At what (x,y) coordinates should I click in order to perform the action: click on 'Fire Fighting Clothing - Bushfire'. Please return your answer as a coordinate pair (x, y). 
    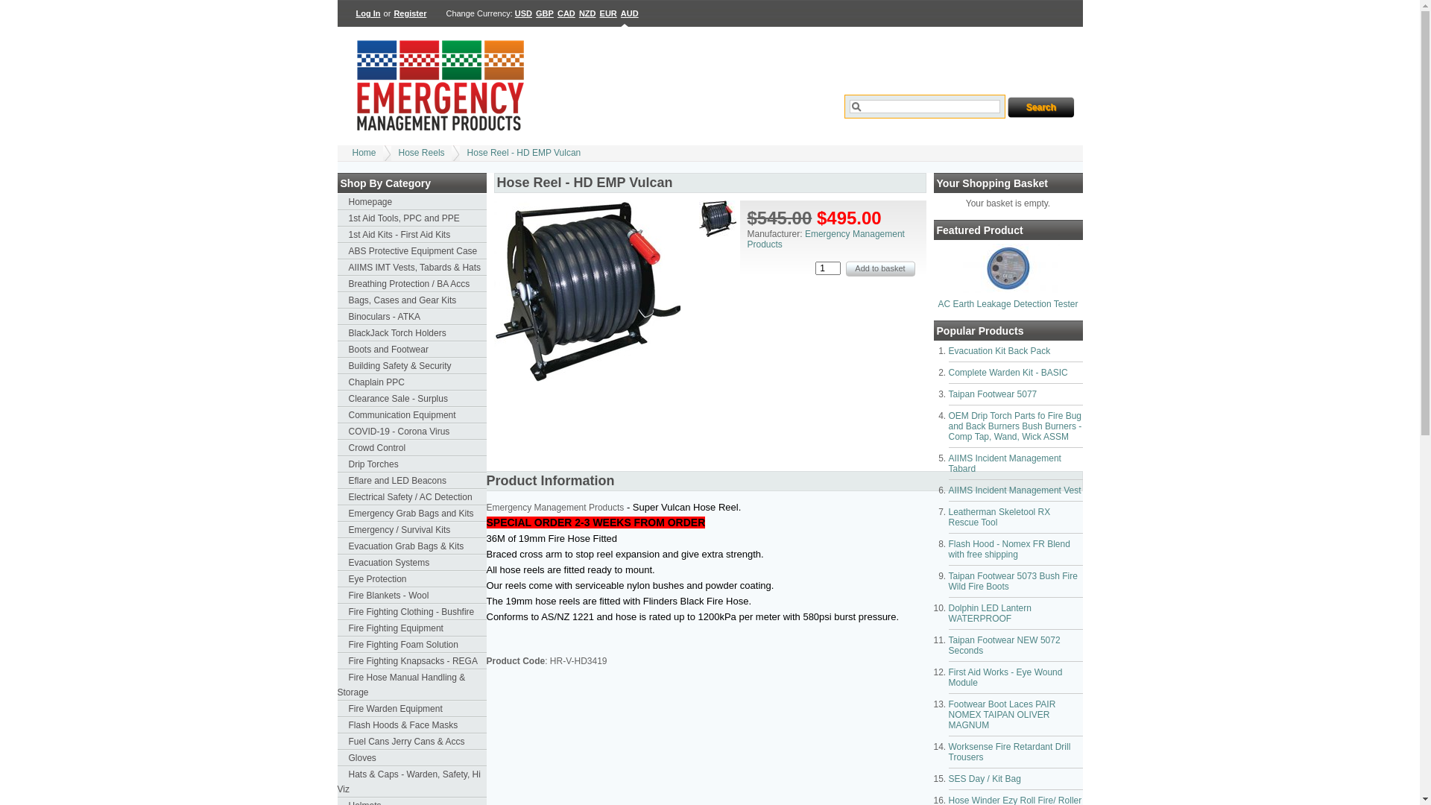
    Looking at the image, I should click on (411, 612).